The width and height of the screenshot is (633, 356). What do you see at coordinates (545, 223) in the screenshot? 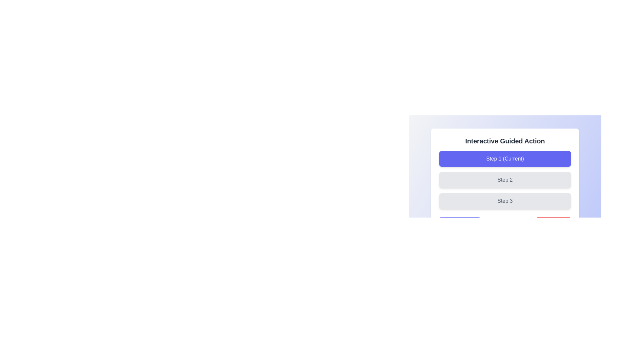
I see `the reset icon located inside the red 'Reset' button on the right side of the interface below the 'Interactive Guided Action' section` at bounding box center [545, 223].